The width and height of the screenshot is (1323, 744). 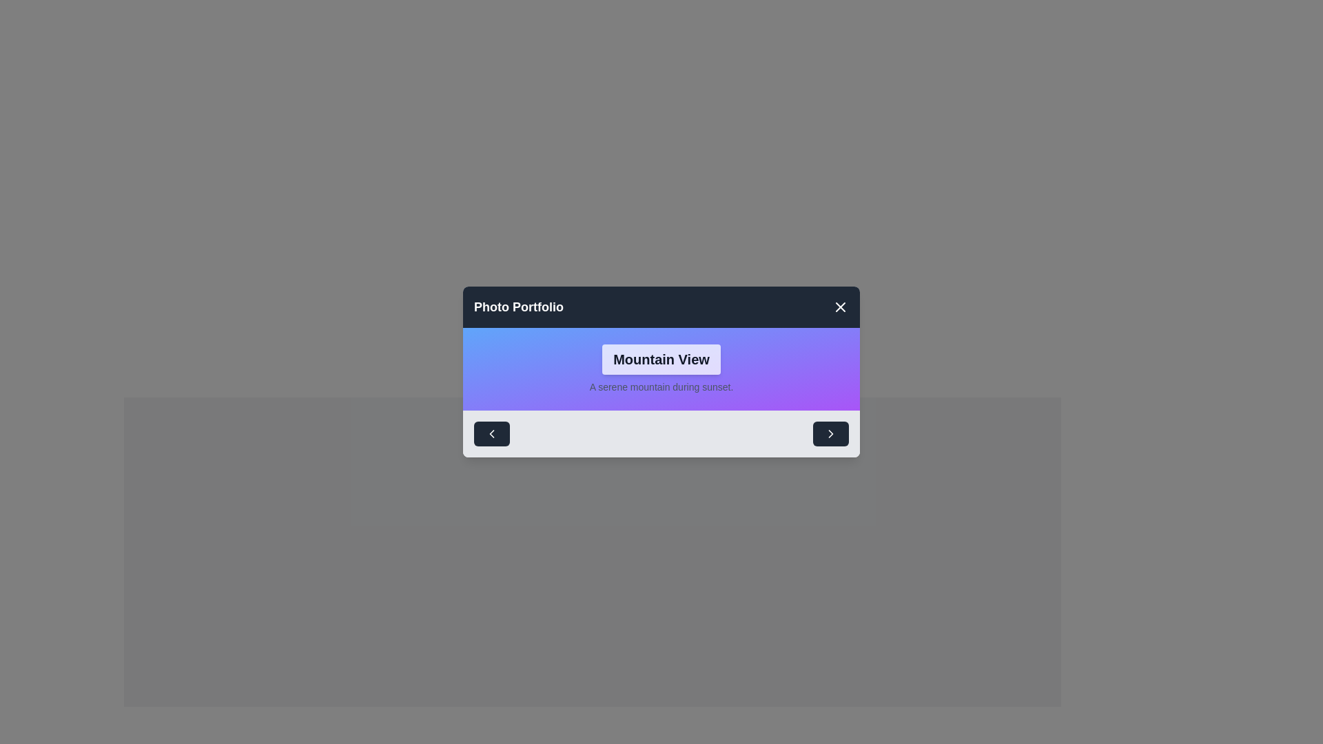 What do you see at coordinates (839, 307) in the screenshot?
I see `the 'X' button at the top-right corner of the 'Photo Portfolio' modal` at bounding box center [839, 307].